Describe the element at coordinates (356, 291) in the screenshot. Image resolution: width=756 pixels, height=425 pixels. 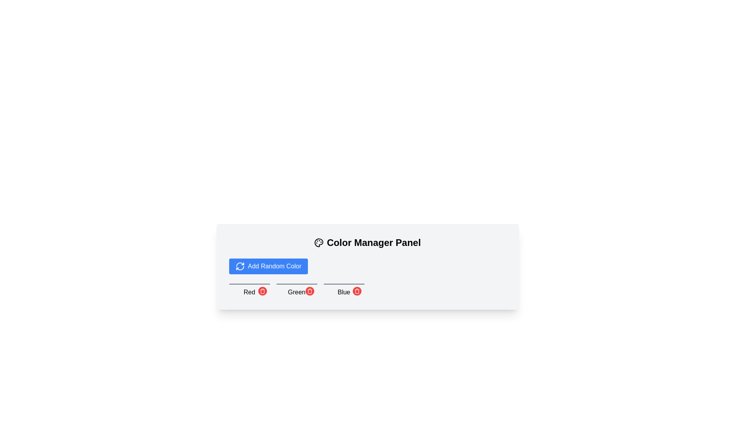
I see `the delete icon button located to the right of the 'Blue' text label` at that location.